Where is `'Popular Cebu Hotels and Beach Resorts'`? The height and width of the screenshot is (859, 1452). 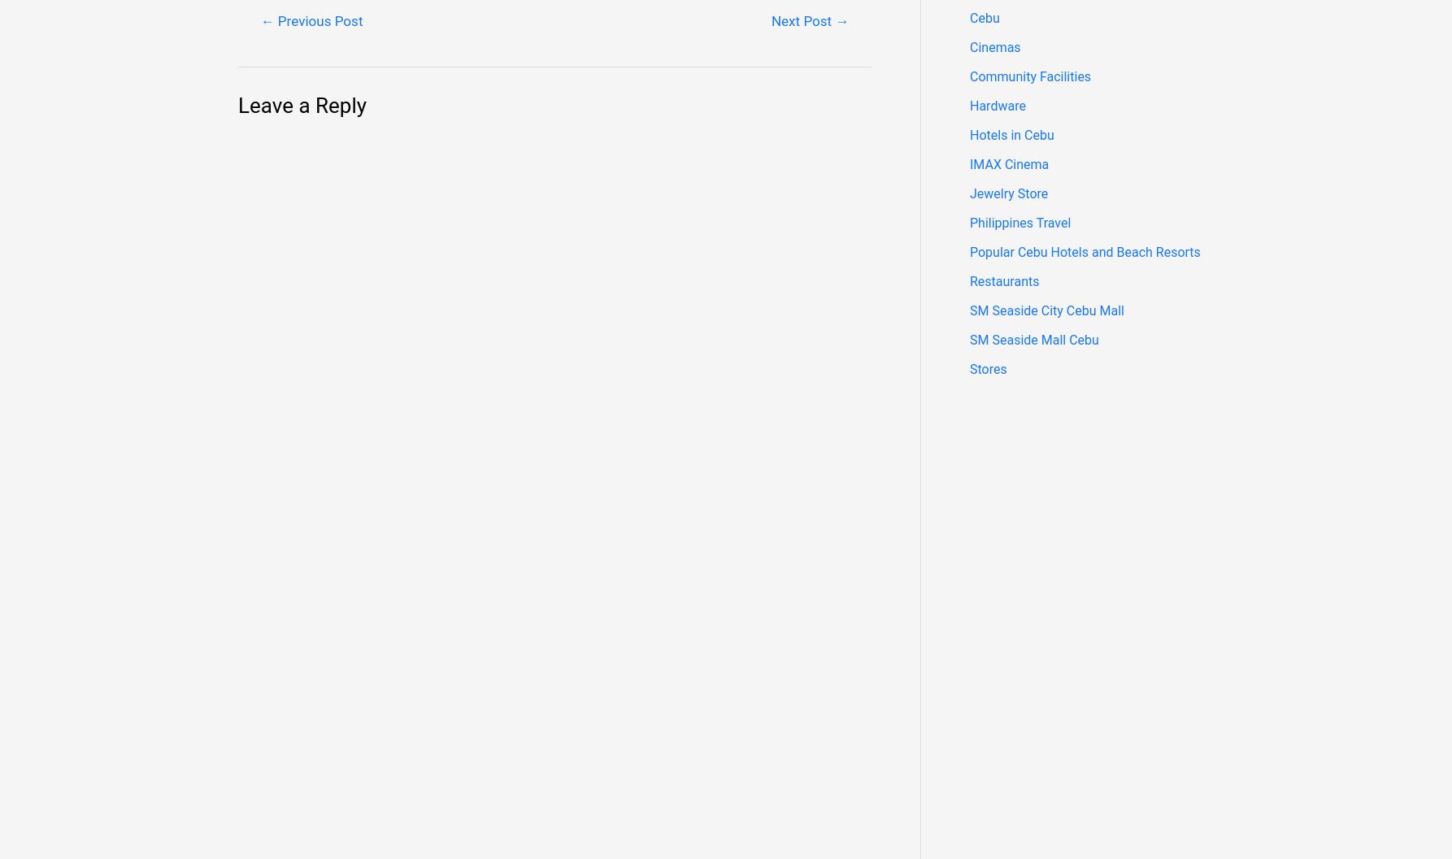 'Popular Cebu Hotels and Beach Resorts' is located at coordinates (1085, 252).